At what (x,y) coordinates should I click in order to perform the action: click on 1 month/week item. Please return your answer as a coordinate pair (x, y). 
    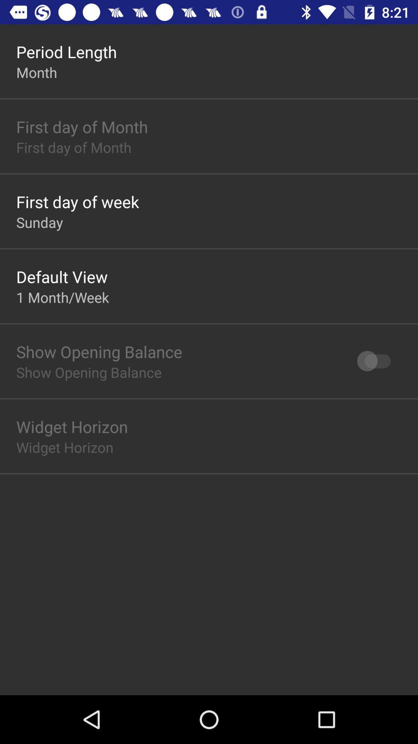
    Looking at the image, I should click on (62, 297).